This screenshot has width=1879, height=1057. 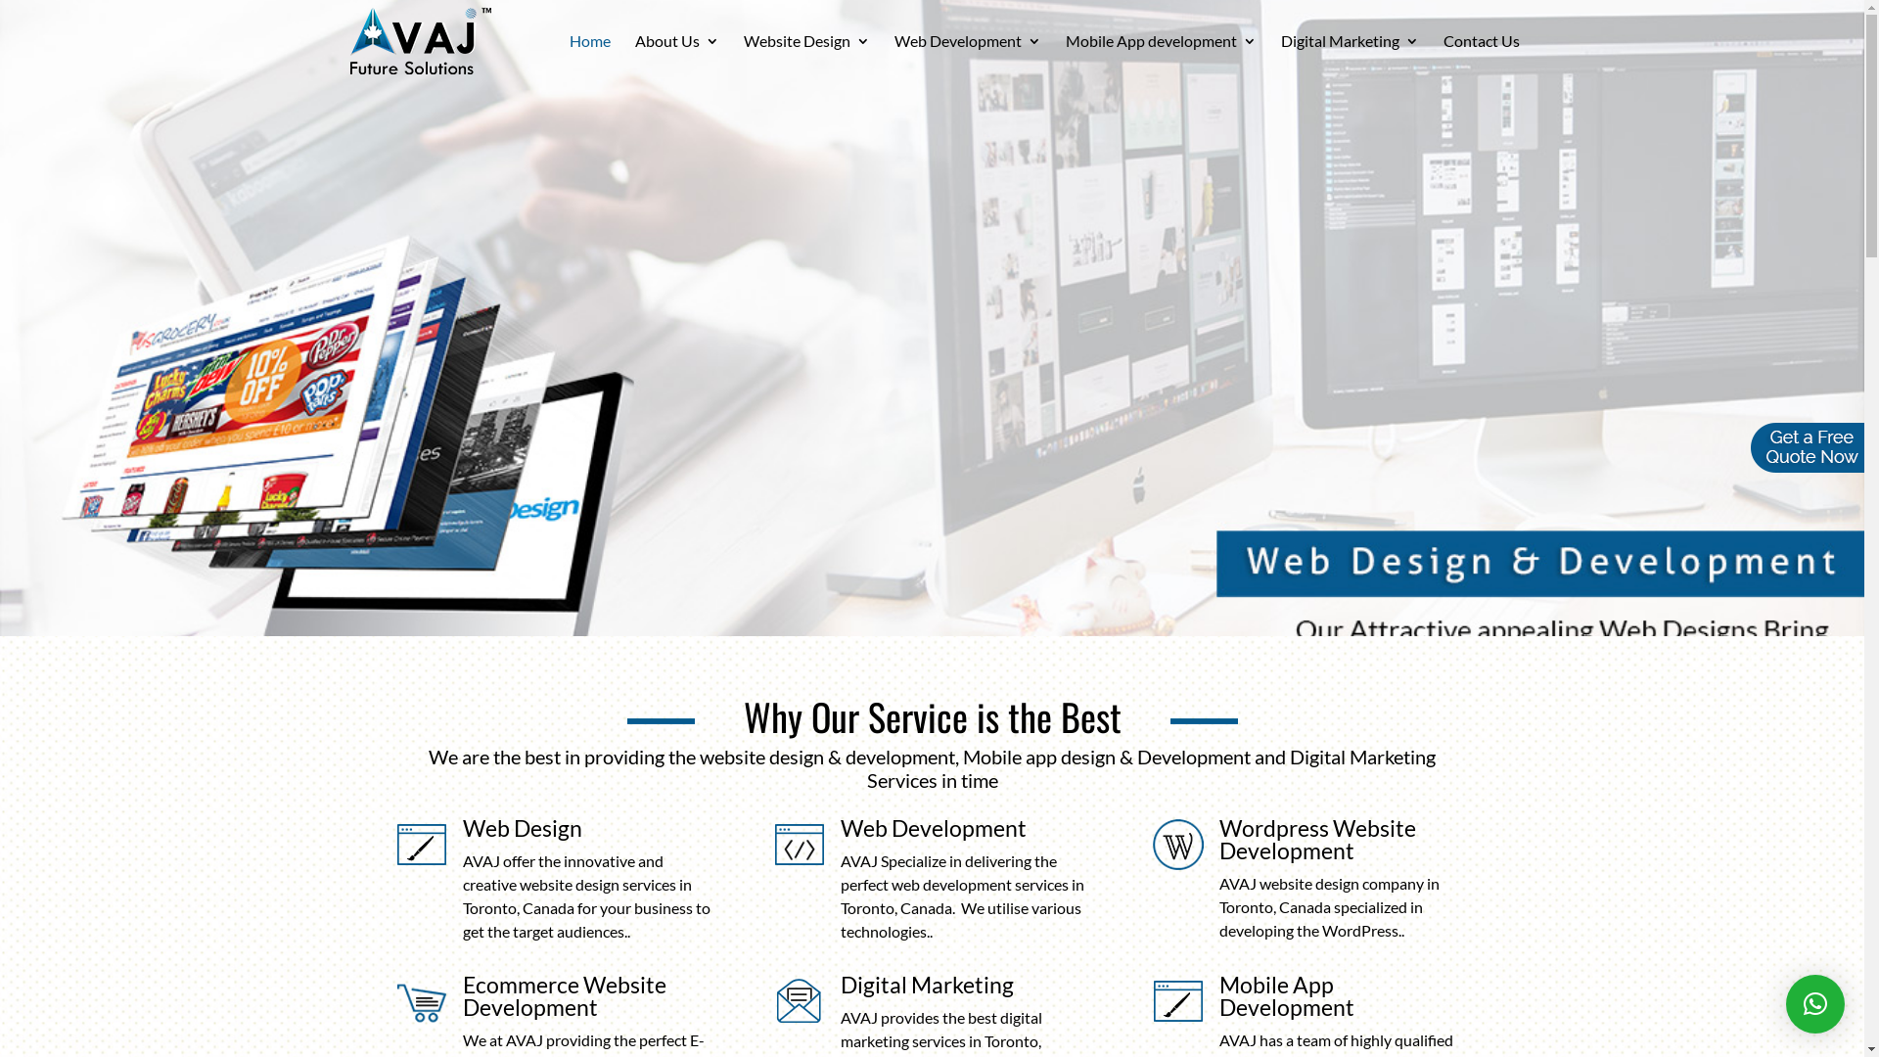 What do you see at coordinates (1348, 57) in the screenshot?
I see `'Digital Marketing'` at bounding box center [1348, 57].